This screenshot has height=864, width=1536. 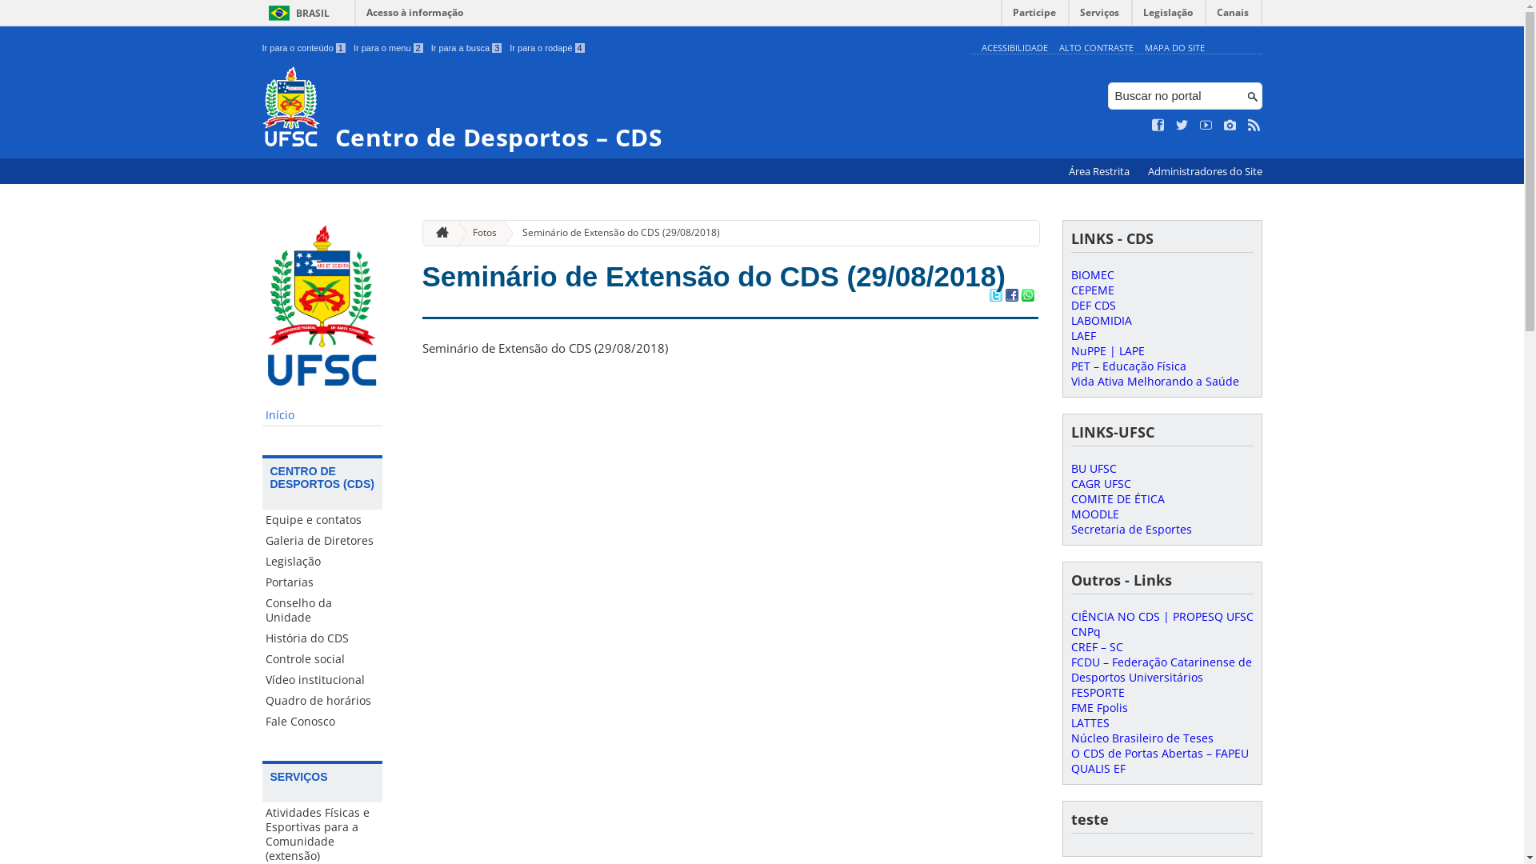 I want to click on 'MOODLE', so click(x=1094, y=514).